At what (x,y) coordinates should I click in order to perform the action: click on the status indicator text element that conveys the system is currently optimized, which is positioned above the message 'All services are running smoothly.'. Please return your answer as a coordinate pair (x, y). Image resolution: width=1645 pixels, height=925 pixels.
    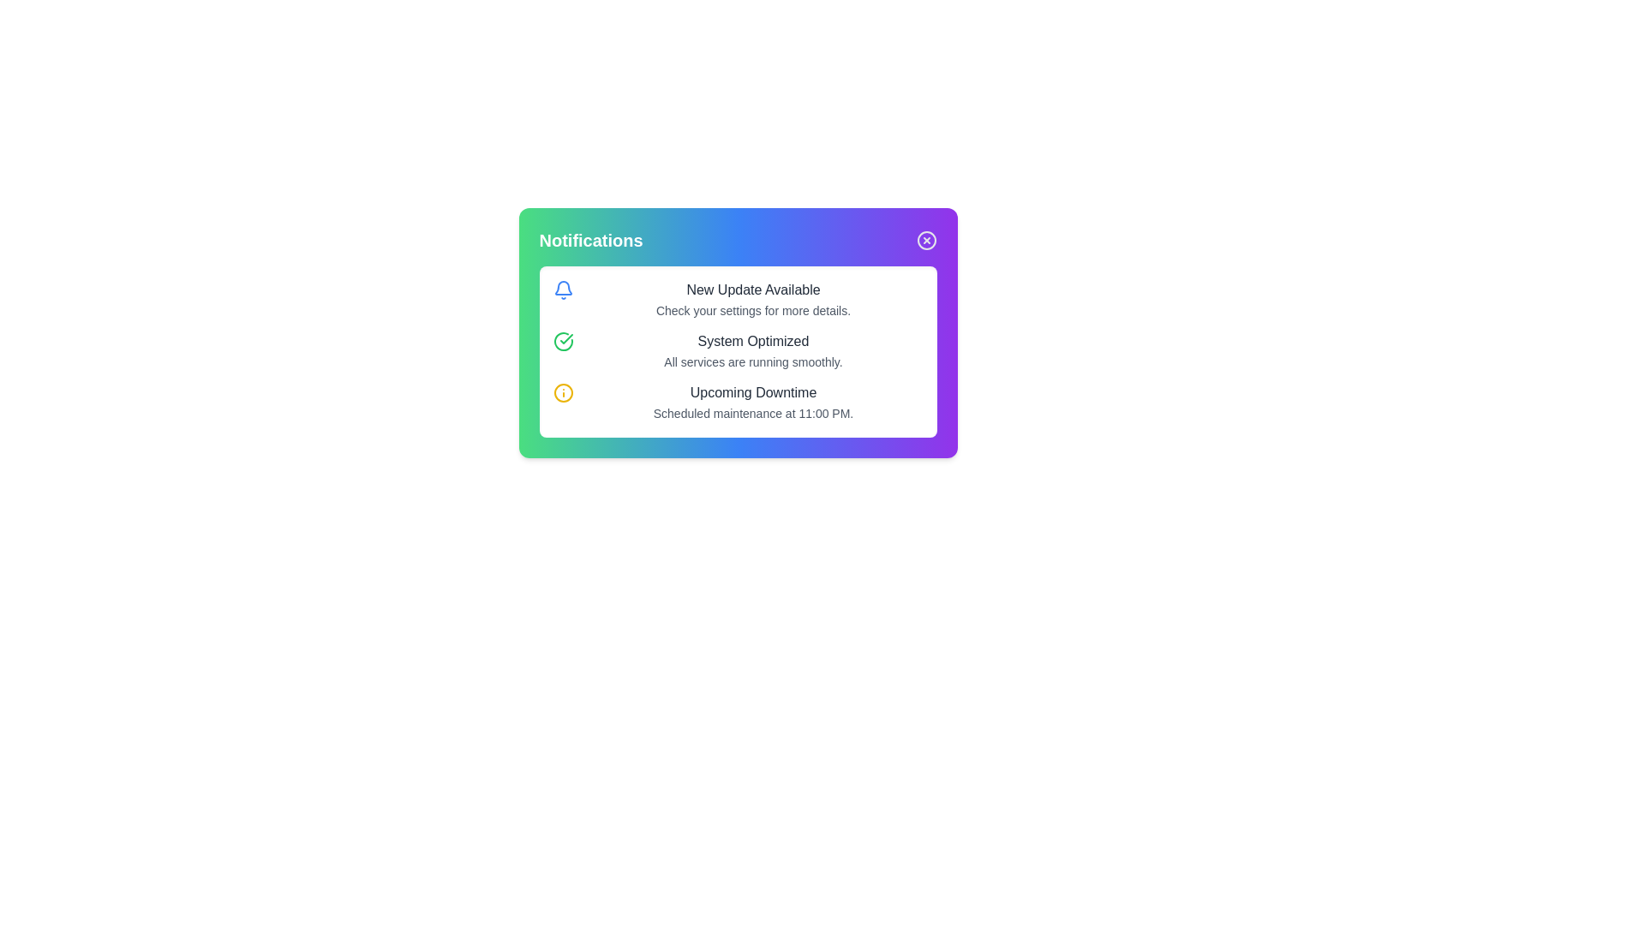
    Looking at the image, I should click on (753, 341).